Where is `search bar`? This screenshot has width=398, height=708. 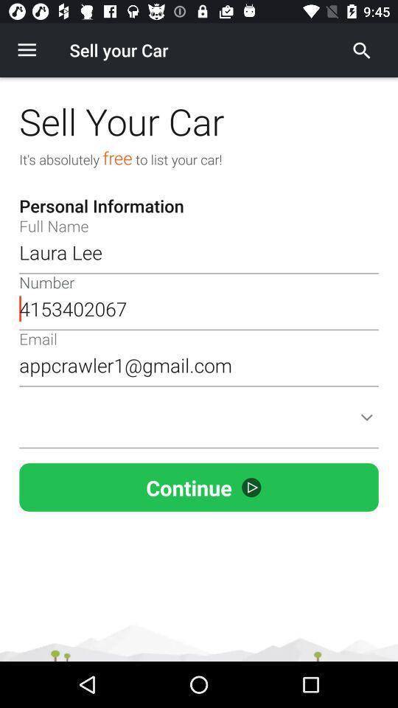
search bar is located at coordinates (361, 50).